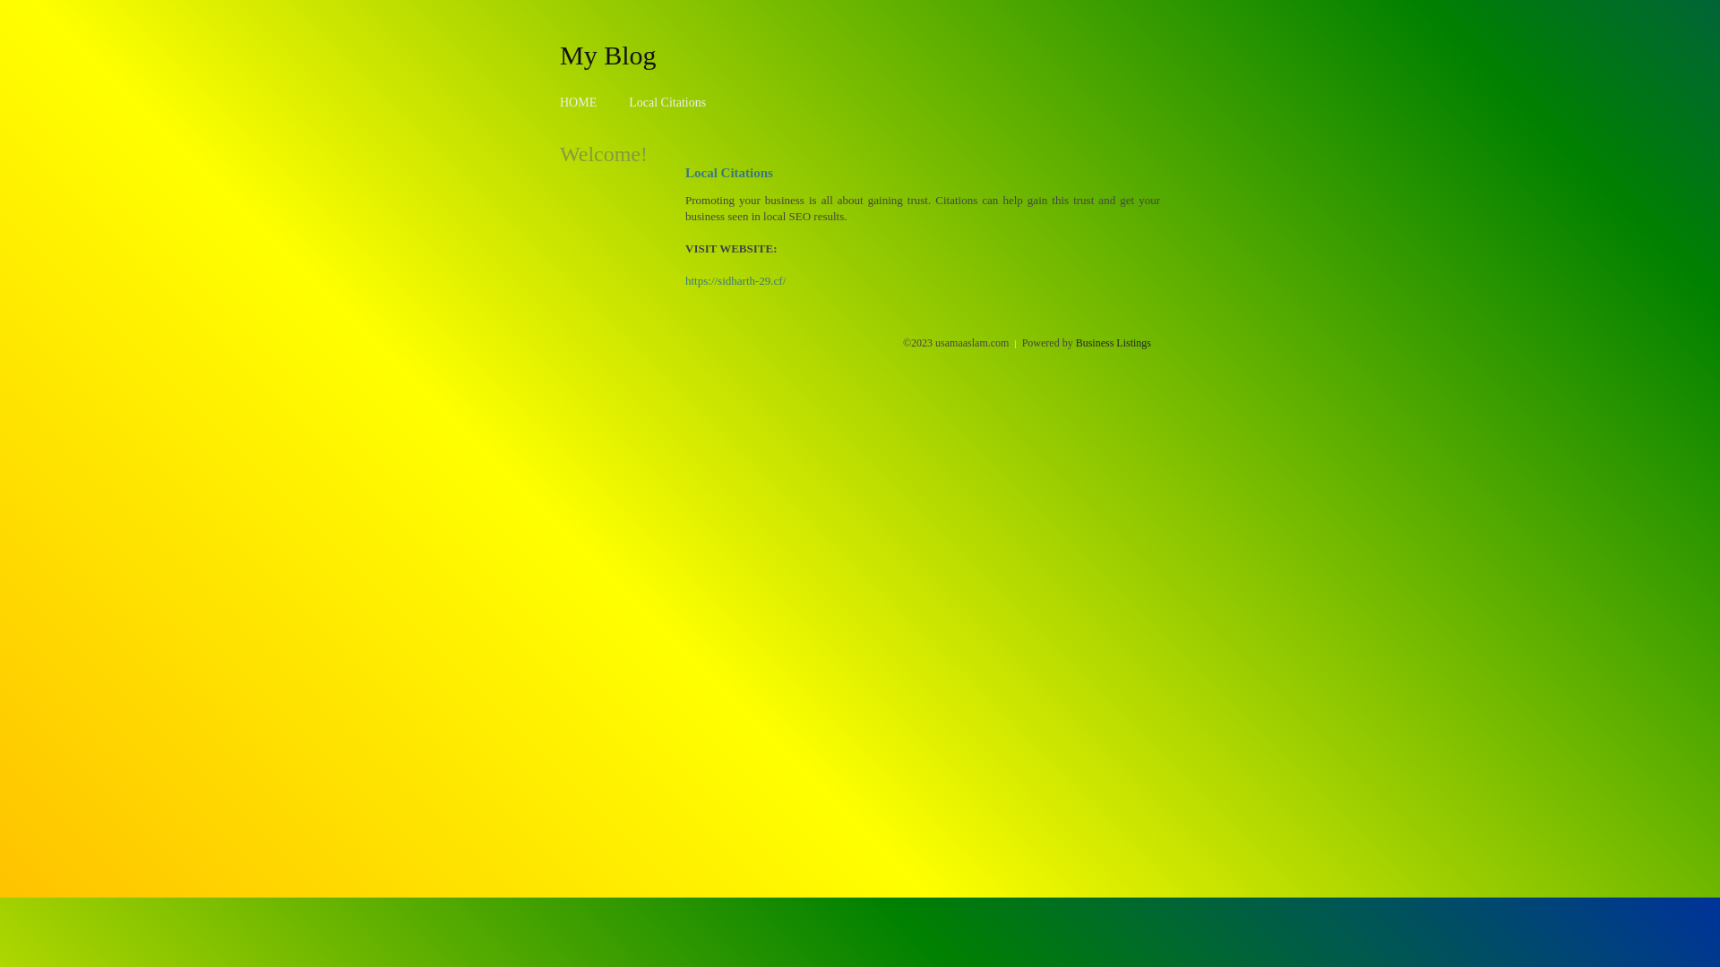 The image size is (1720, 967). What do you see at coordinates (666, 102) in the screenshot?
I see `'Local Citations'` at bounding box center [666, 102].